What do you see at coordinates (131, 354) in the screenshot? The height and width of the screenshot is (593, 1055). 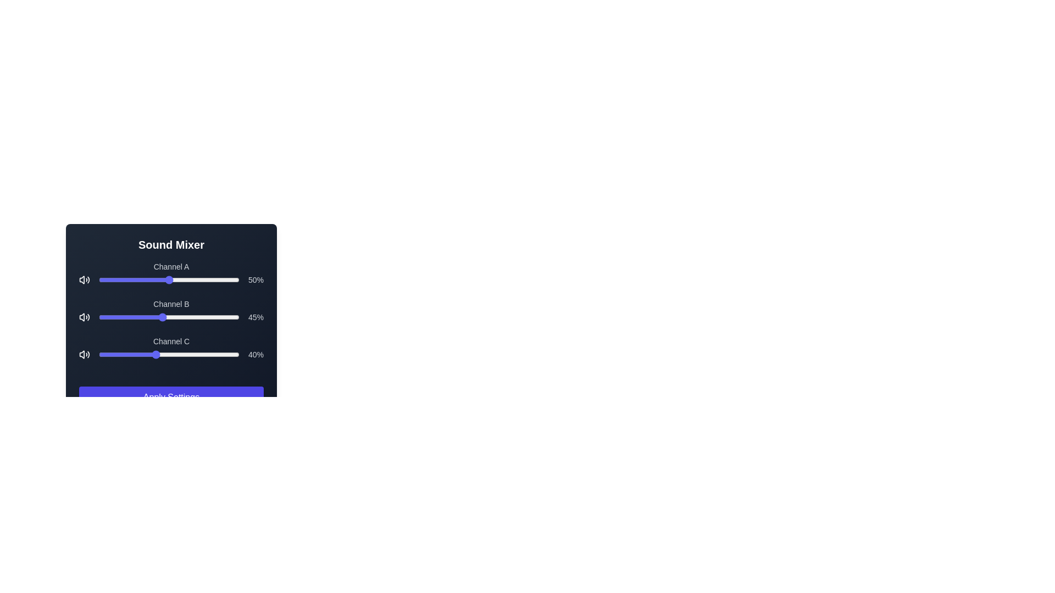 I see `Channel C volume` at bounding box center [131, 354].